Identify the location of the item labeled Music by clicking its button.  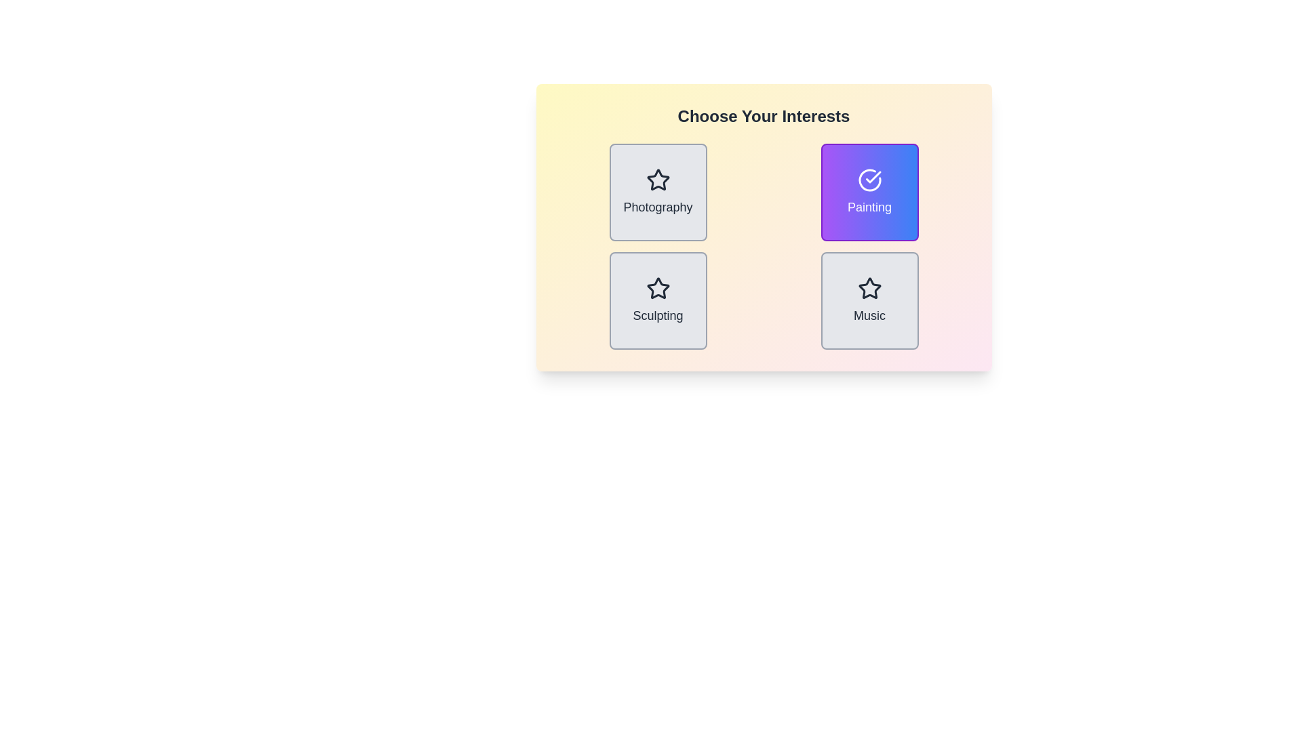
(869, 300).